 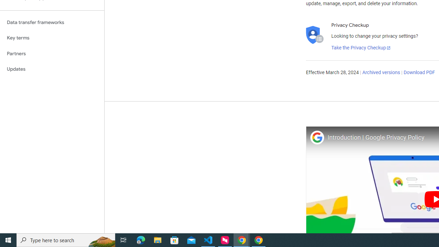 What do you see at coordinates (381, 73) in the screenshot?
I see `'Archived versions'` at bounding box center [381, 73].